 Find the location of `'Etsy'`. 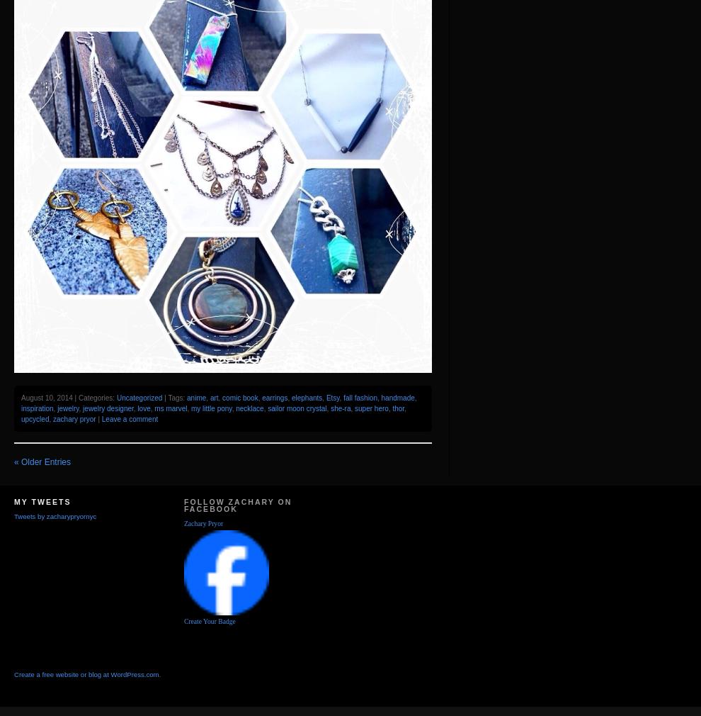

'Etsy' is located at coordinates (332, 397).